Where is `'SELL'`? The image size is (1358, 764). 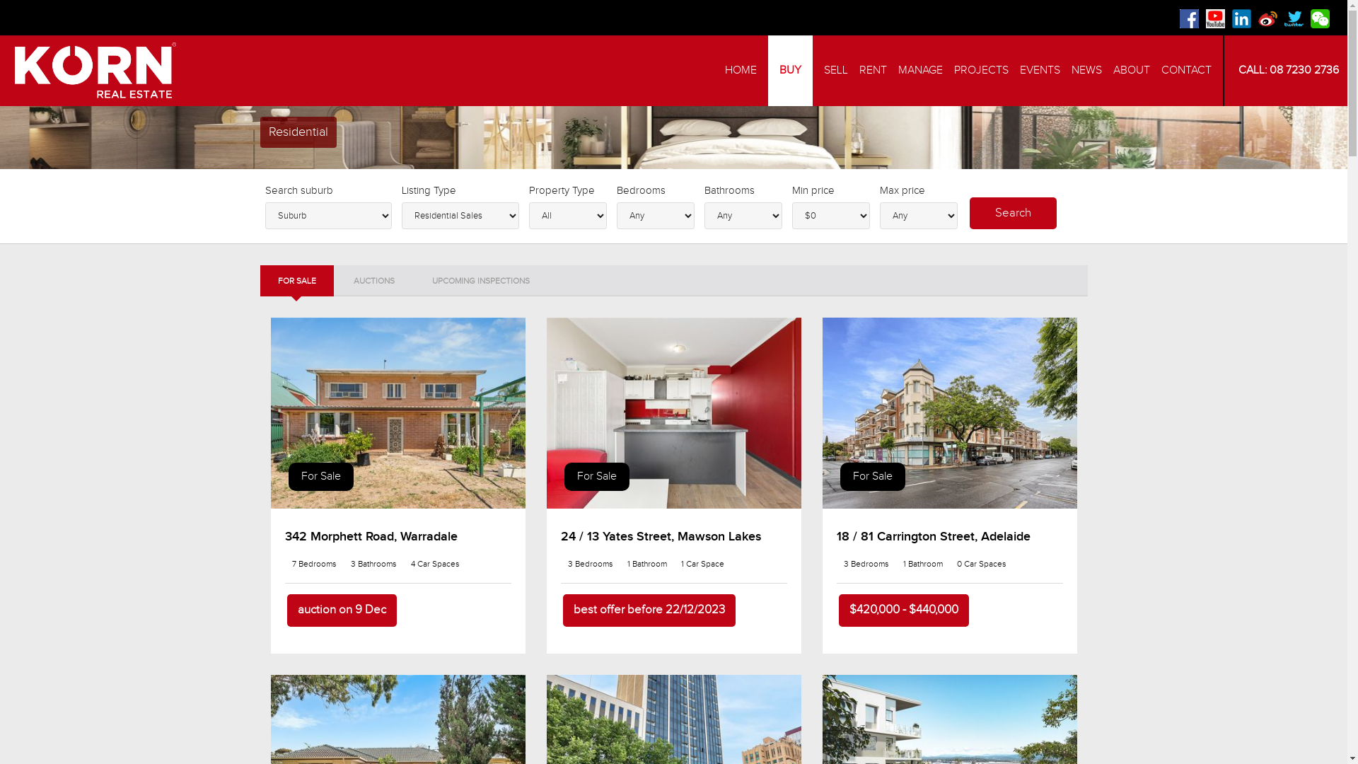 'SELL' is located at coordinates (835, 71).